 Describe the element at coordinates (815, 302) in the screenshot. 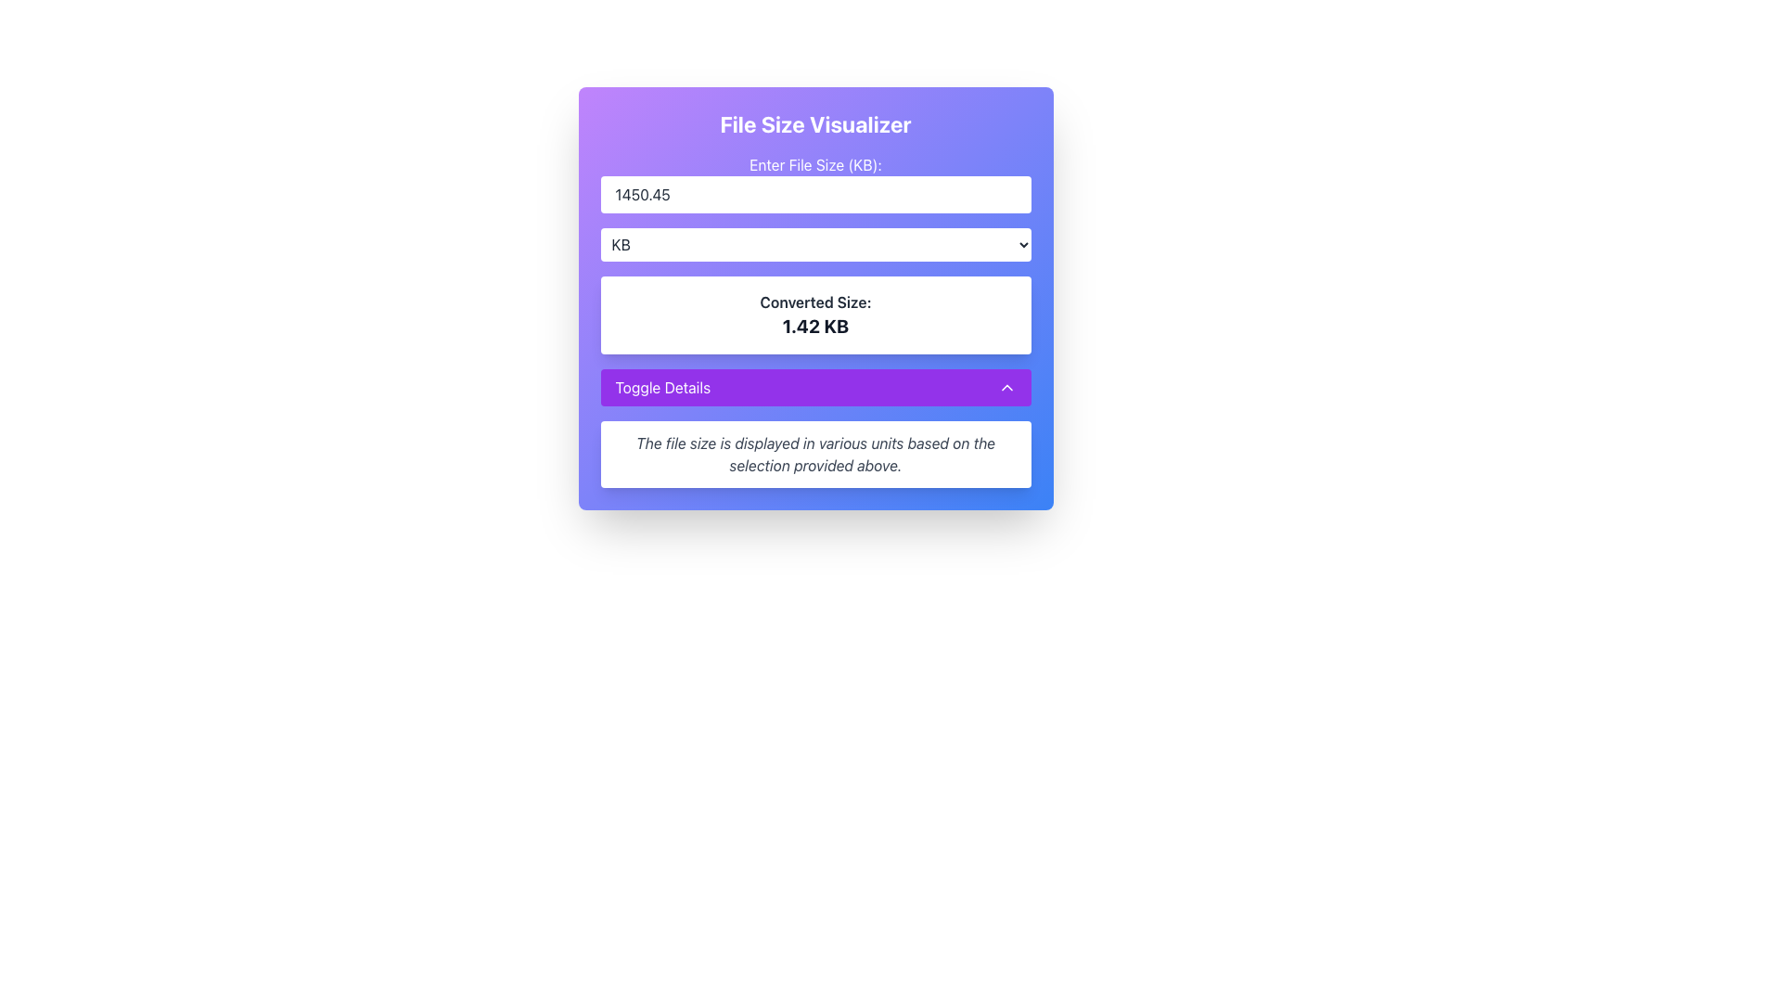

I see `text label that says 'Converted Size:' which is styled in dark gray and bold, positioned above the numerical value '1.42 KB'` at that location.